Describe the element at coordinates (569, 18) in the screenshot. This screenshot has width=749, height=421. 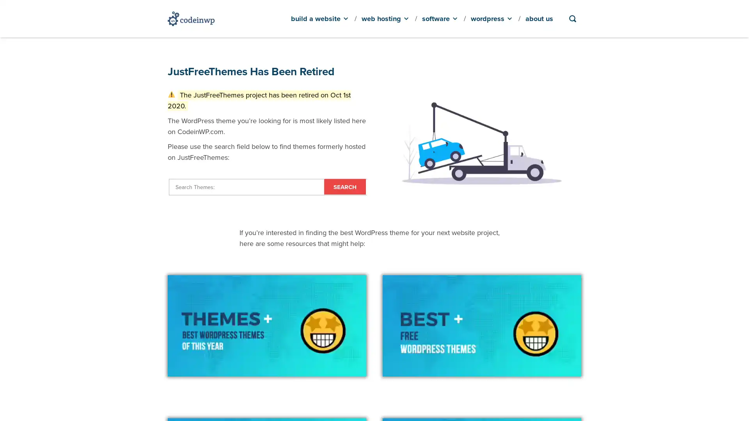
I see `Search` at that location.